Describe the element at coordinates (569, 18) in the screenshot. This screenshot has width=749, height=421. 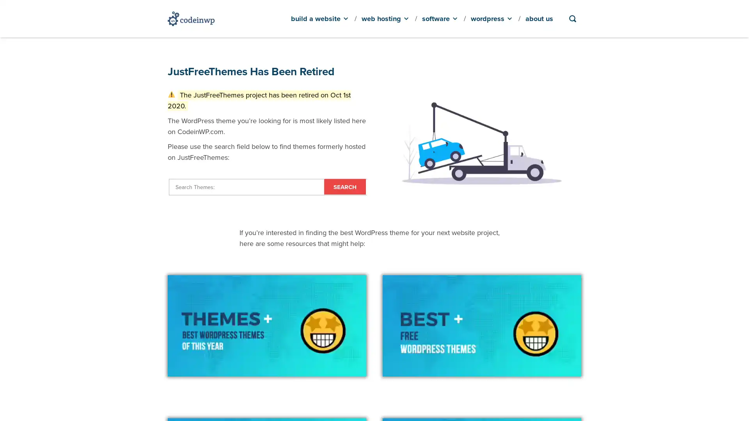
I see `Search` at that location.